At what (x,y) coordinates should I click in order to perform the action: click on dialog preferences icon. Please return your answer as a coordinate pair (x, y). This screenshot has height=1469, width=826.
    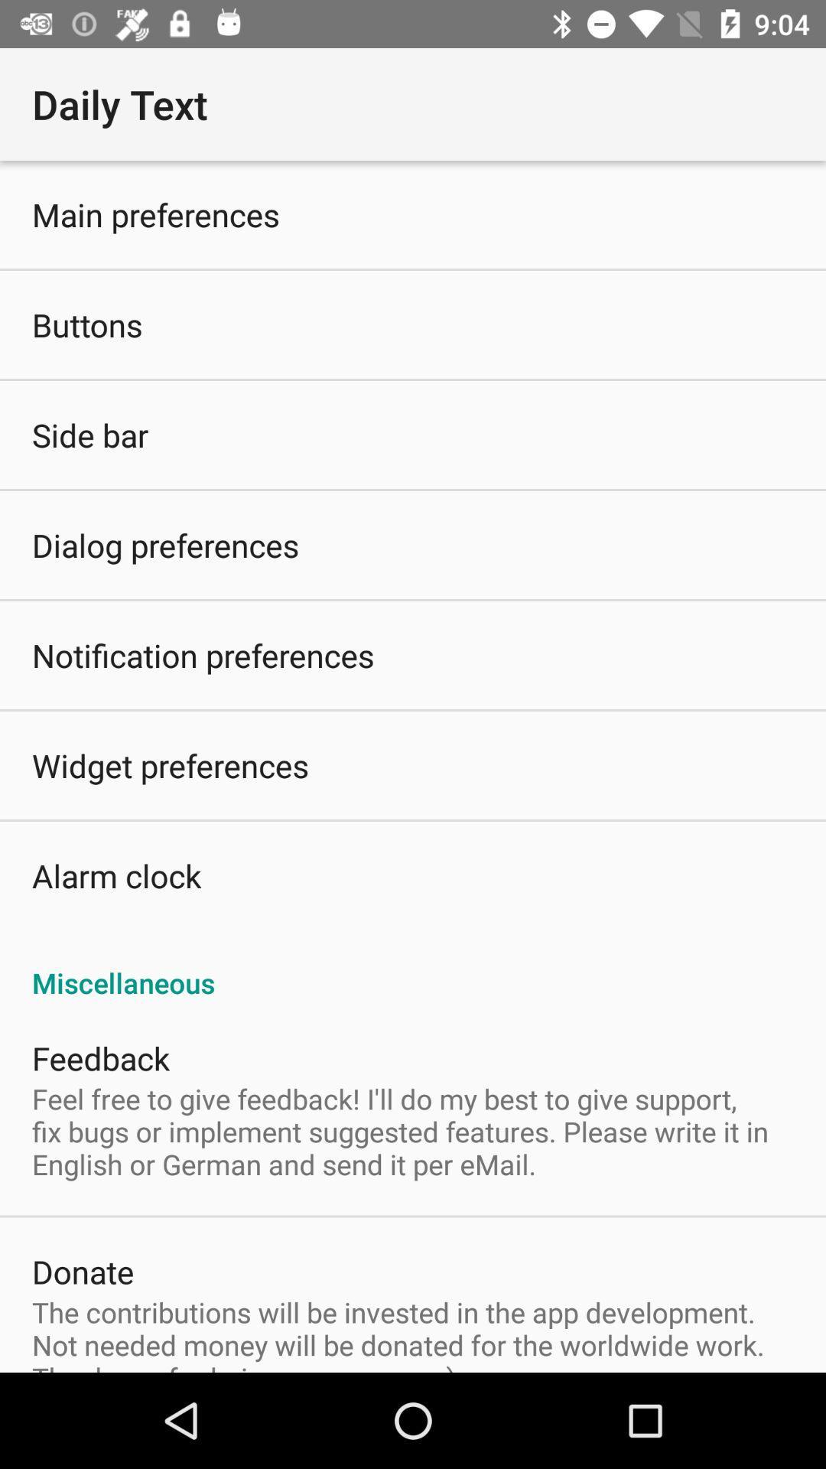
    Looking at the image, I should click on (165, 545).